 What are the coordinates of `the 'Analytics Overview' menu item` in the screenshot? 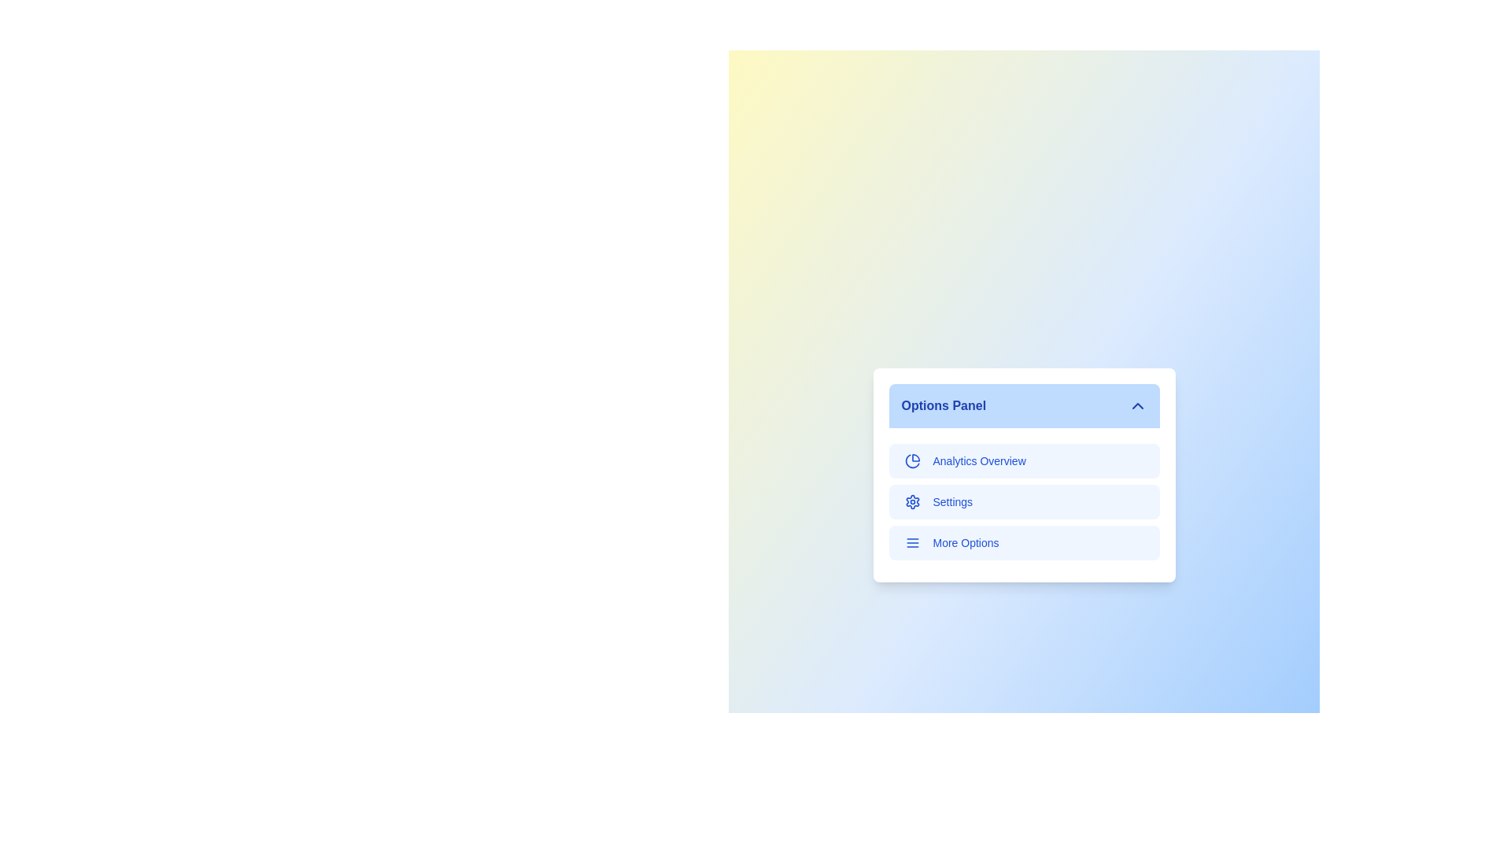 It's located at (1024, 460).